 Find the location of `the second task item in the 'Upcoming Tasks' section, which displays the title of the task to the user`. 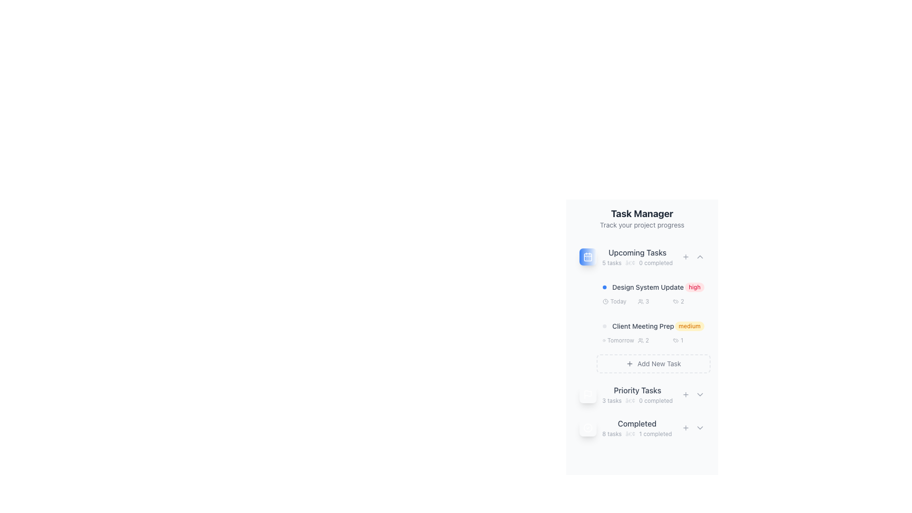

the second task item in the 'Upcoming Tasks' section, which displays the title of the task to the user is located at coordinates (643, 325).